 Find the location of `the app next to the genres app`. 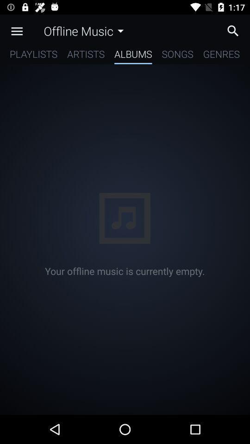

the app next to the genres app is located at coordinates (177, 55).